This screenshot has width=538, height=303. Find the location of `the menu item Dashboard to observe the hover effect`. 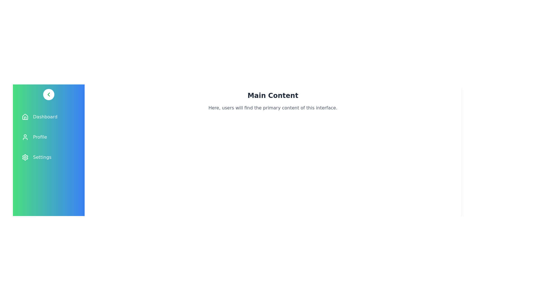

the menu item Dashboard to observe the hover effect is located at coordinates (48, 116).